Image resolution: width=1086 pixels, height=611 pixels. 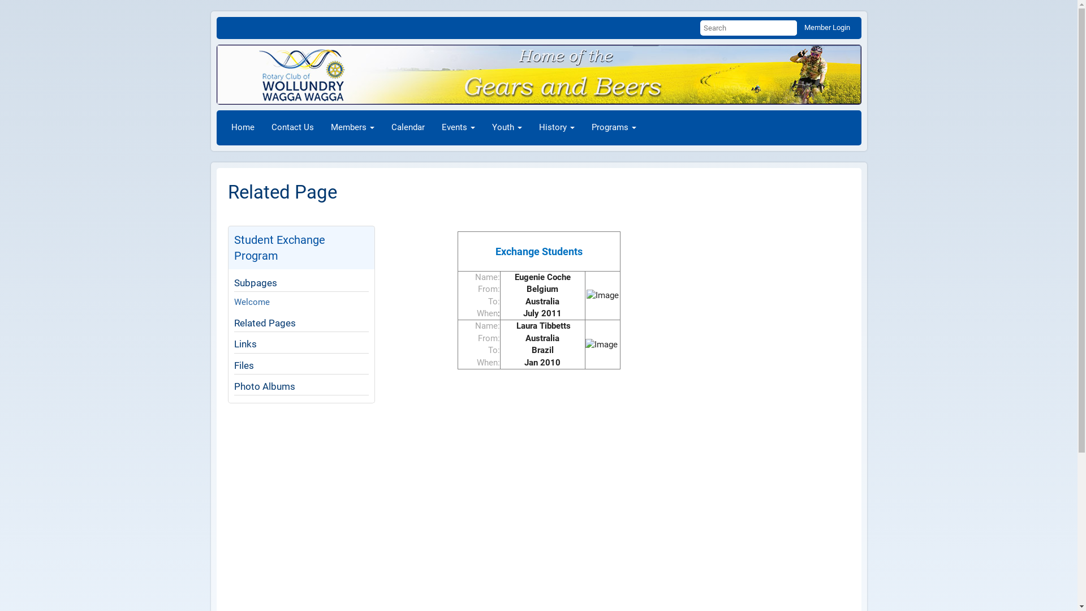 I want to click on 'Members', so click(x=352, y=127).